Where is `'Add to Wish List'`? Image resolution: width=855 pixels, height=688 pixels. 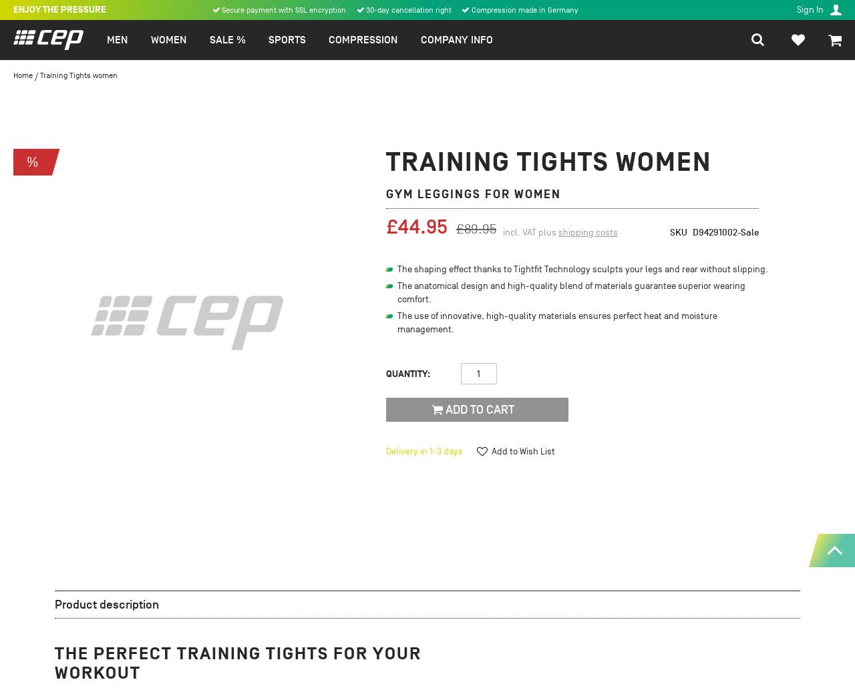
'Add to Wish List' is located at coordinates (522, 451).